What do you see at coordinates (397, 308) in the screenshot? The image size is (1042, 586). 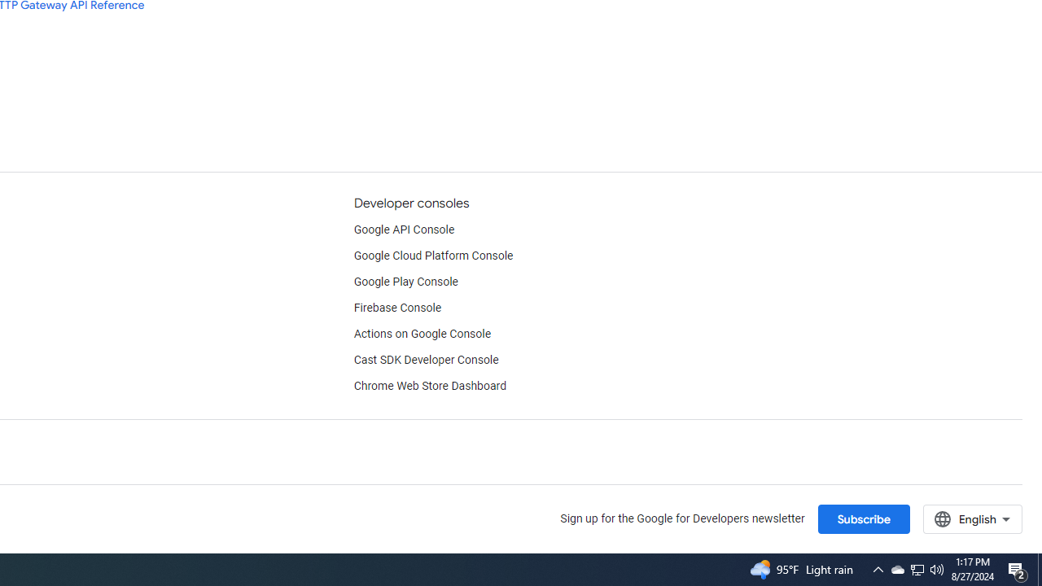 I see `'Firebase Console'` at bounding box center [397, 308].